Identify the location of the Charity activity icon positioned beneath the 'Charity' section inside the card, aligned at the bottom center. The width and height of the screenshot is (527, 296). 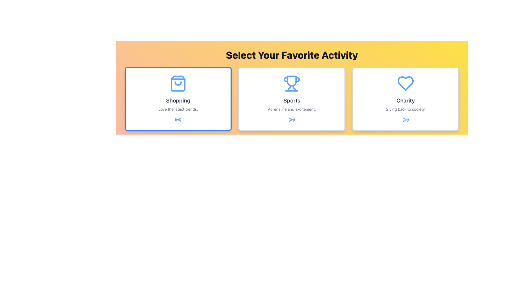
(405, 119).